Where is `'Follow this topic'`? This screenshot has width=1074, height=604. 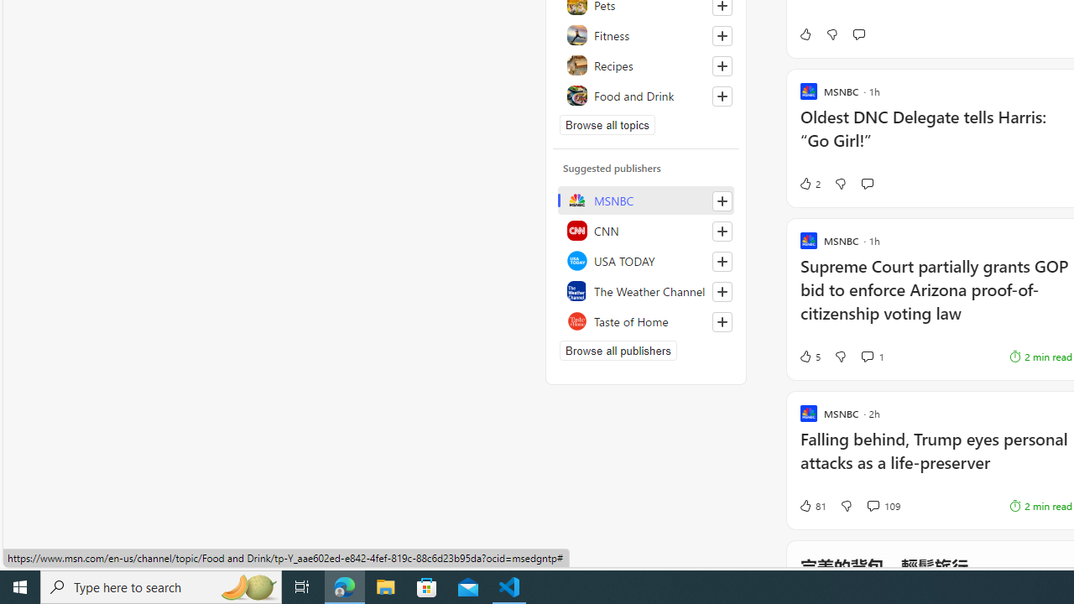 'Follow this topic' is located at coordinates (722, 96).